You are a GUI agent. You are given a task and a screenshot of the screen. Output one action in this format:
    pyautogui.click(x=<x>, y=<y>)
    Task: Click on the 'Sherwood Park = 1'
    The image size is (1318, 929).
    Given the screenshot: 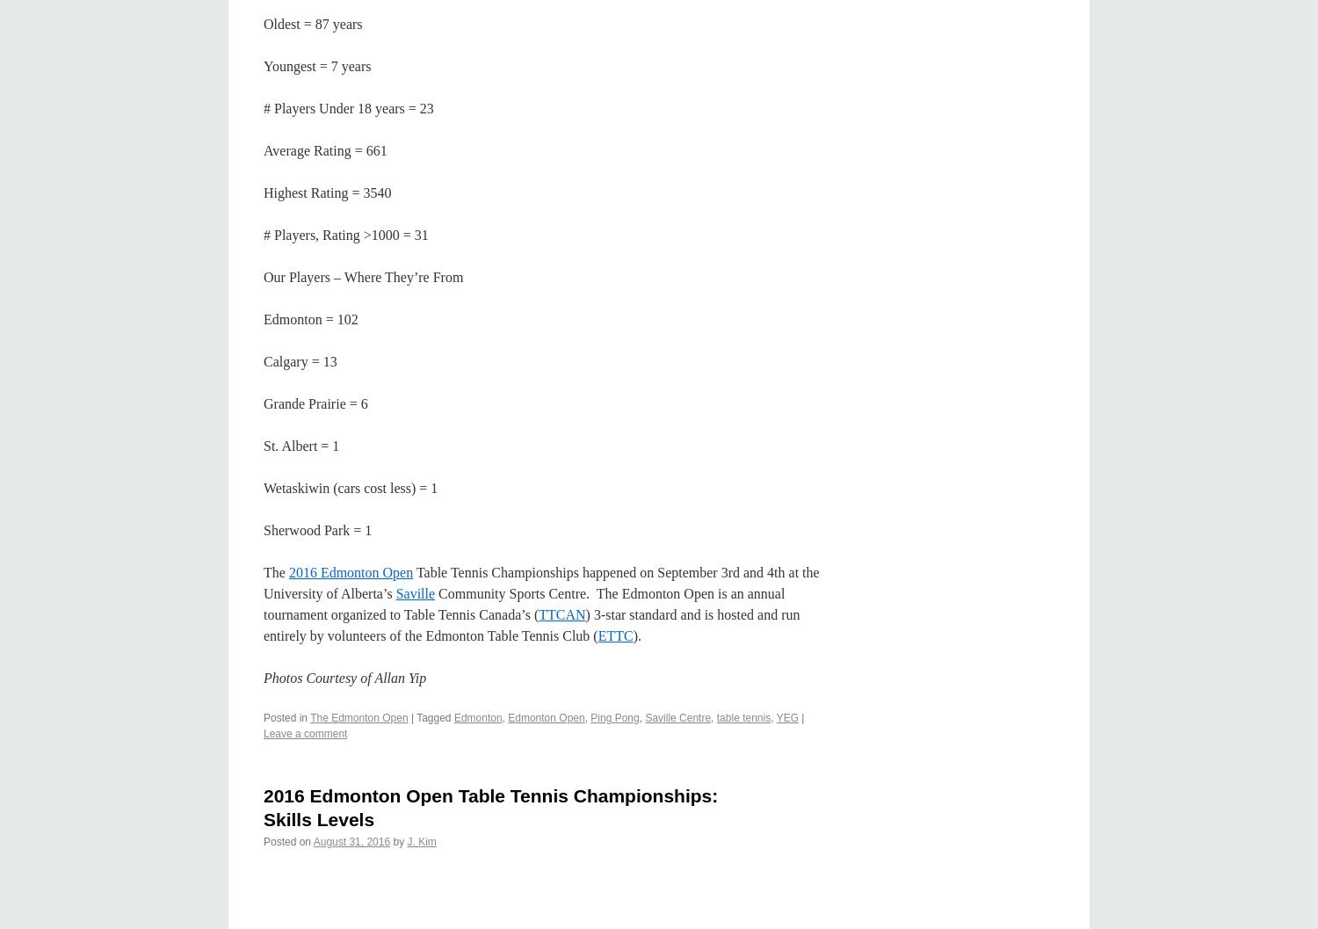 What is the action you would take?
    pyautogui.click(x=316, y=528)
    